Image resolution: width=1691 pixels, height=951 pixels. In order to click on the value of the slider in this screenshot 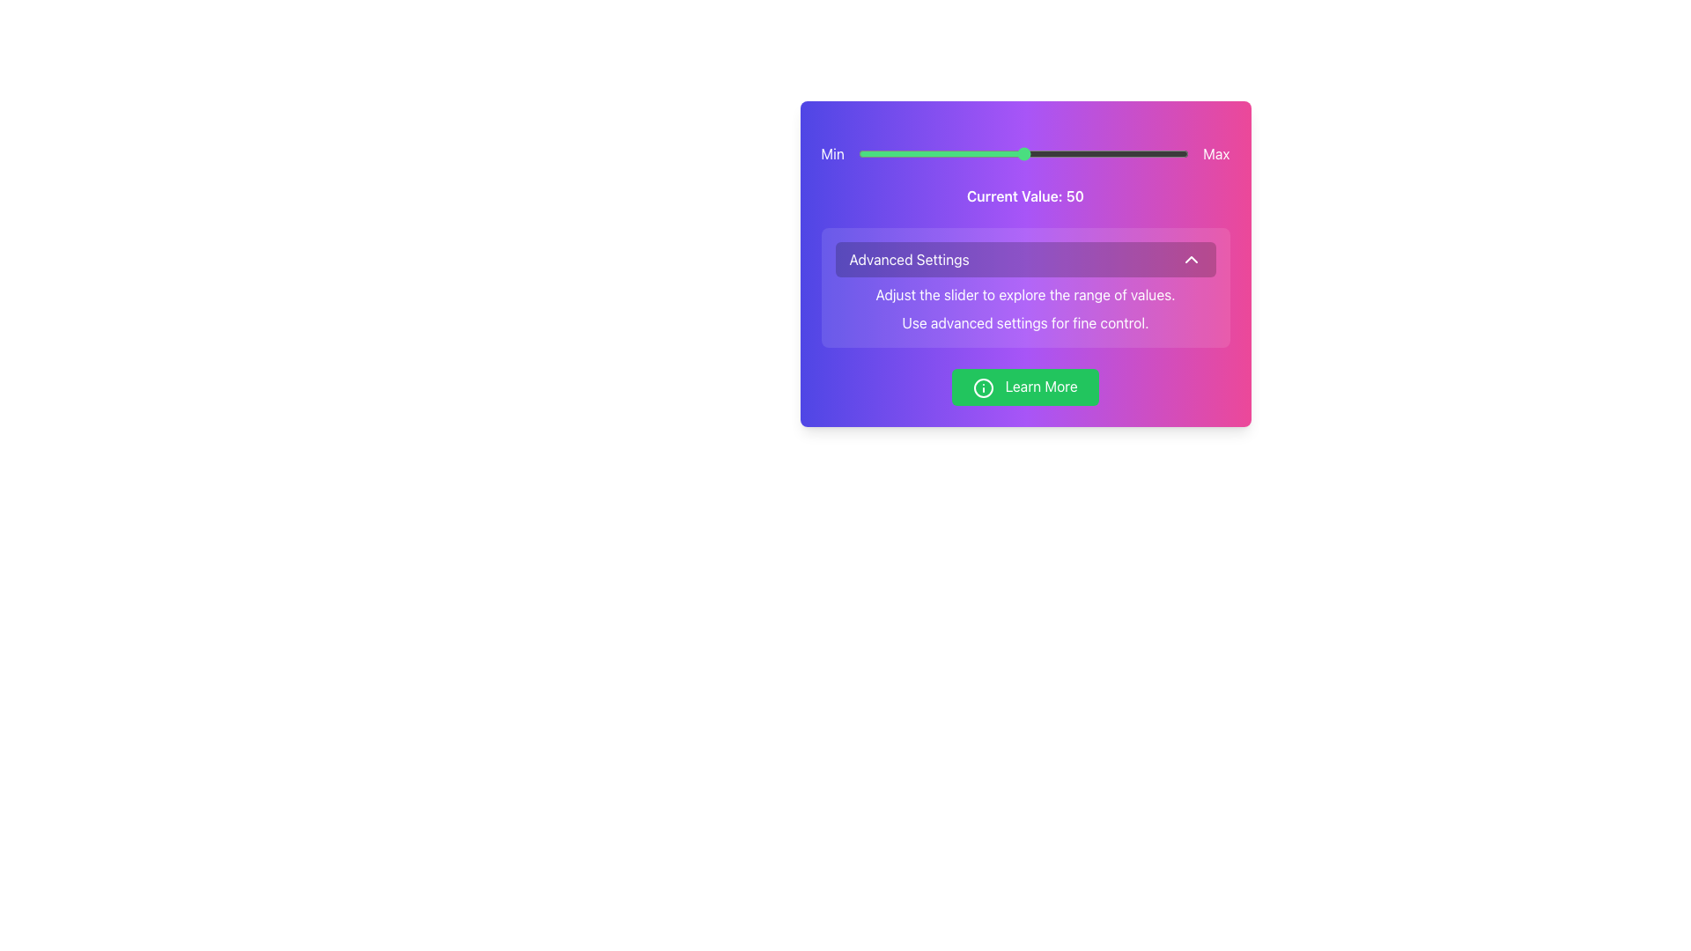, I will do `click(1020, 152)`.